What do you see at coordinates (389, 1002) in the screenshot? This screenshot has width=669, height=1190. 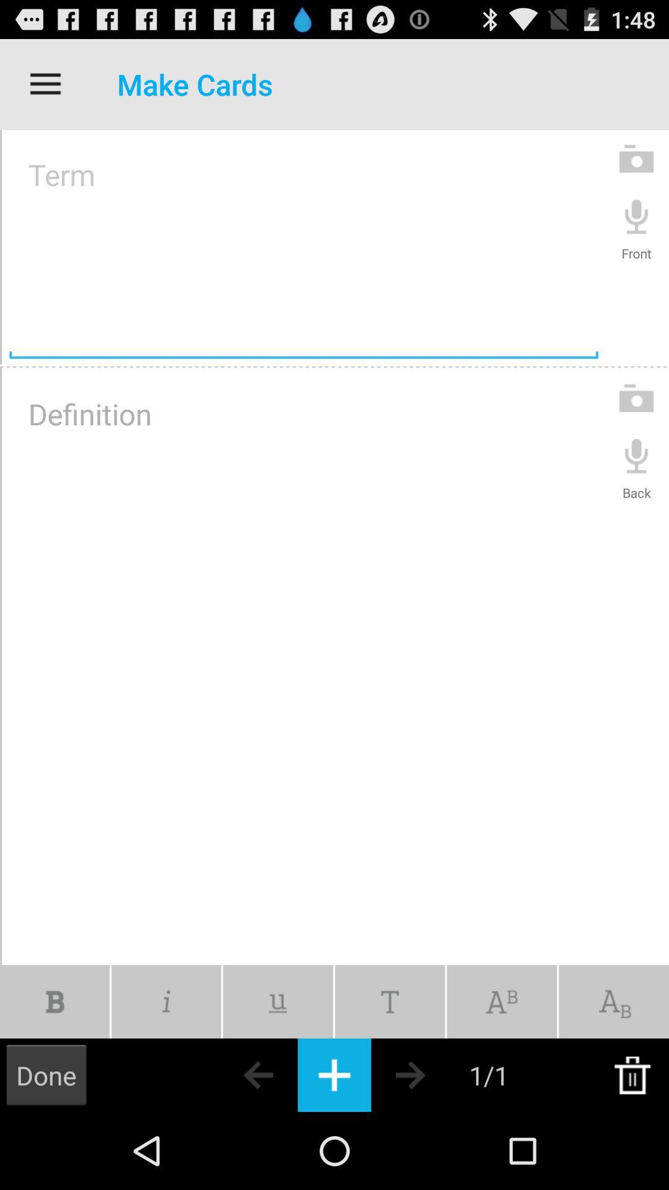 I see `change text font for cards` at bounding box center [389, 1002].